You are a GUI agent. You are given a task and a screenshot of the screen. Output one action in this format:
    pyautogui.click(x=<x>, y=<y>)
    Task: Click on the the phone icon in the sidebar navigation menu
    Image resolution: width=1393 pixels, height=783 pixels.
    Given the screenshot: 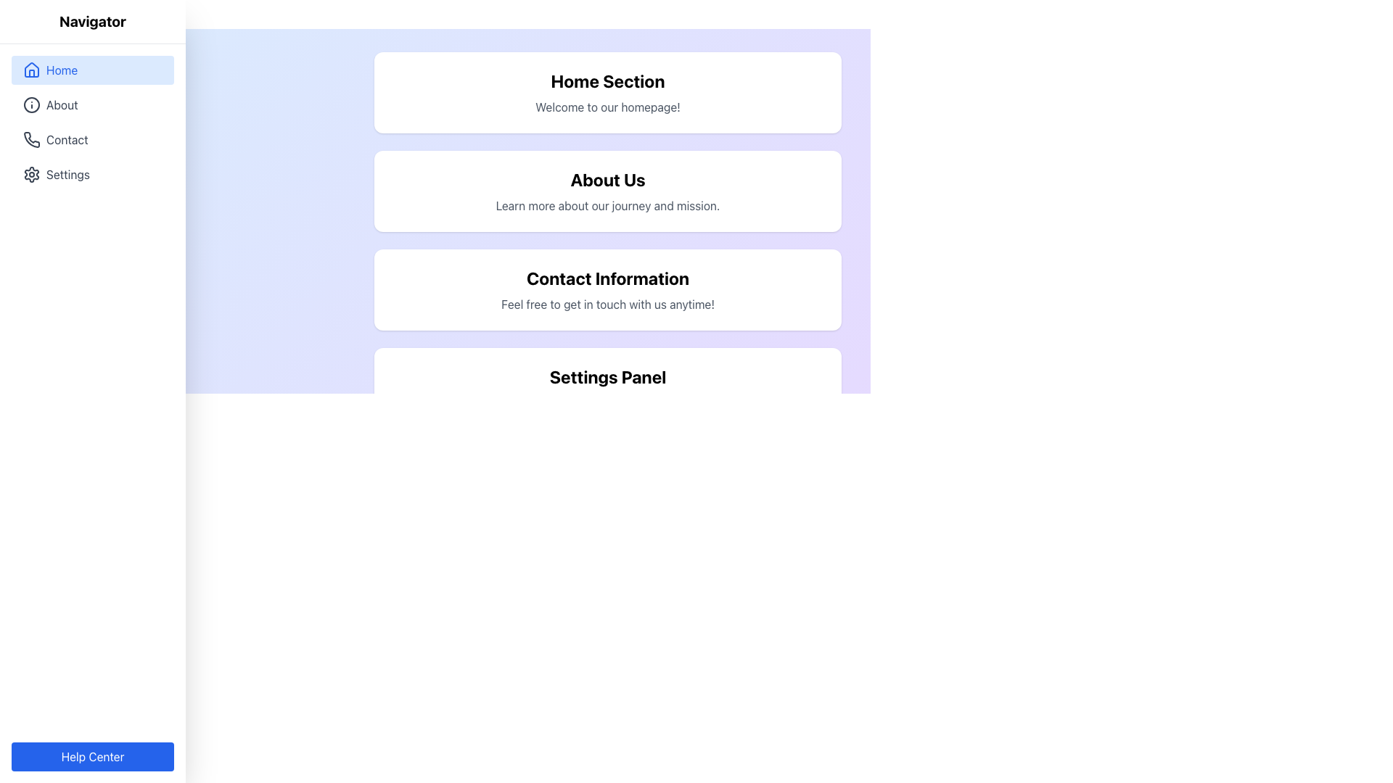 What is the action you would take?
    pyautogui.click(x=31, y=139)
    